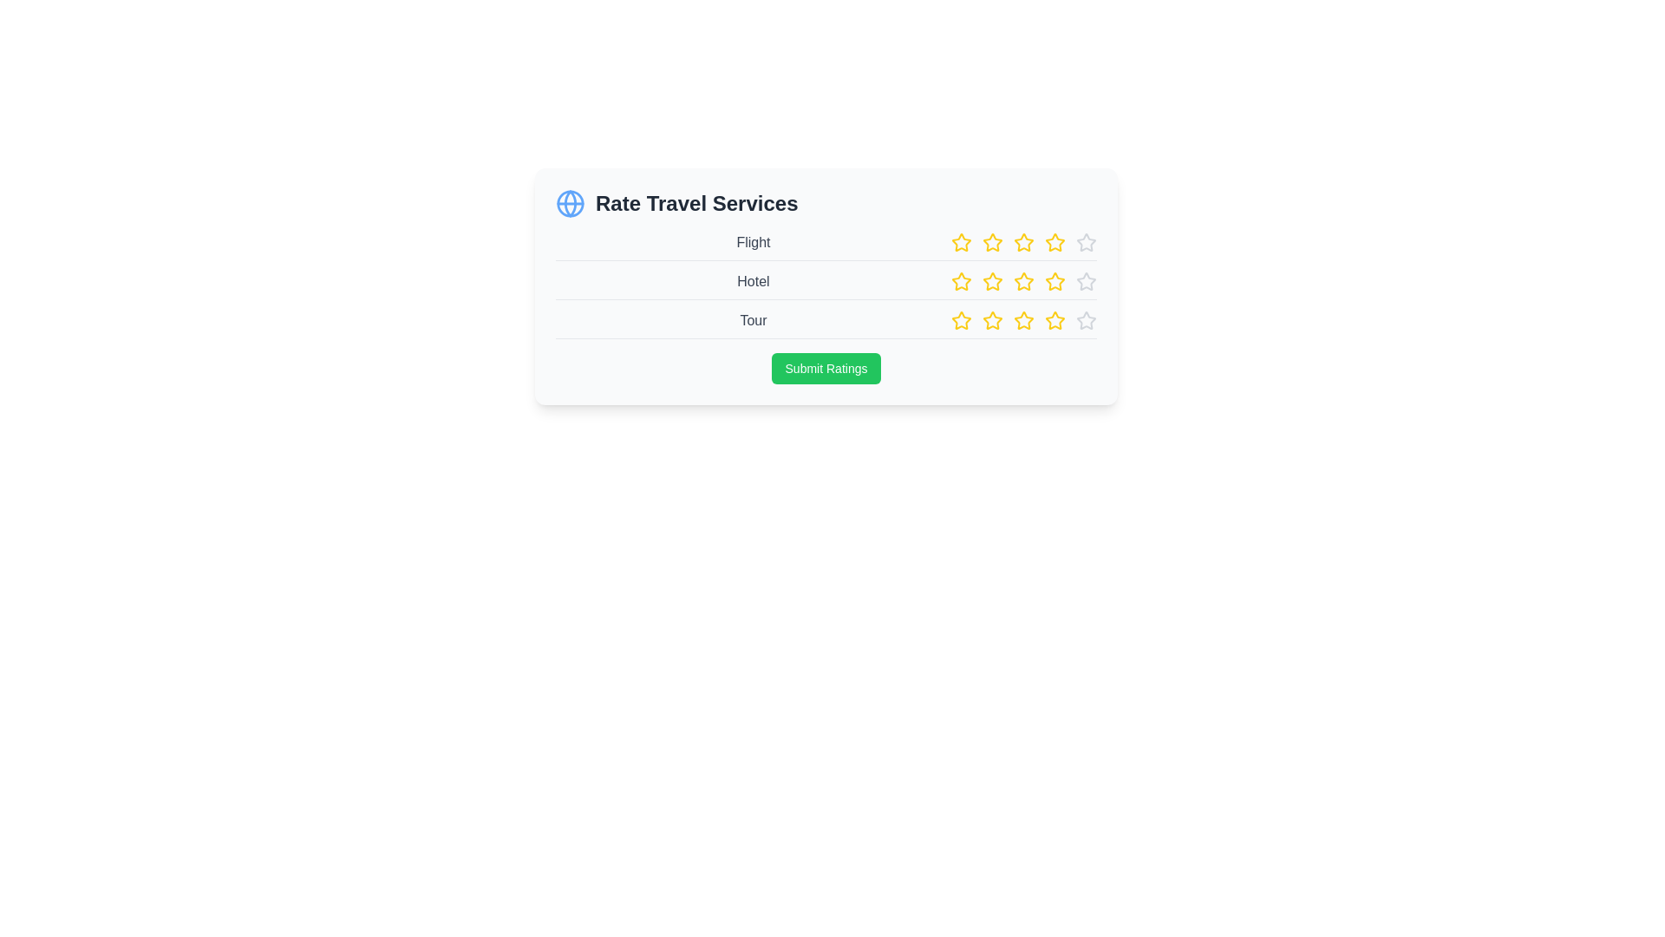  Describe the element at coordinates (753, 243) in the screenshot. I see `the Text Label indicating the rating for 'Flight' services, which is positioned on the left side of the rating section, above 'Hotel' and 'Tour', and aligned with the rating stars` at that location.